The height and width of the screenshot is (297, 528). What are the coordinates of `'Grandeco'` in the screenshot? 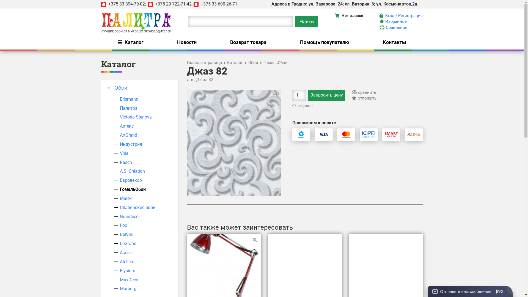 It's located at (129, 216).